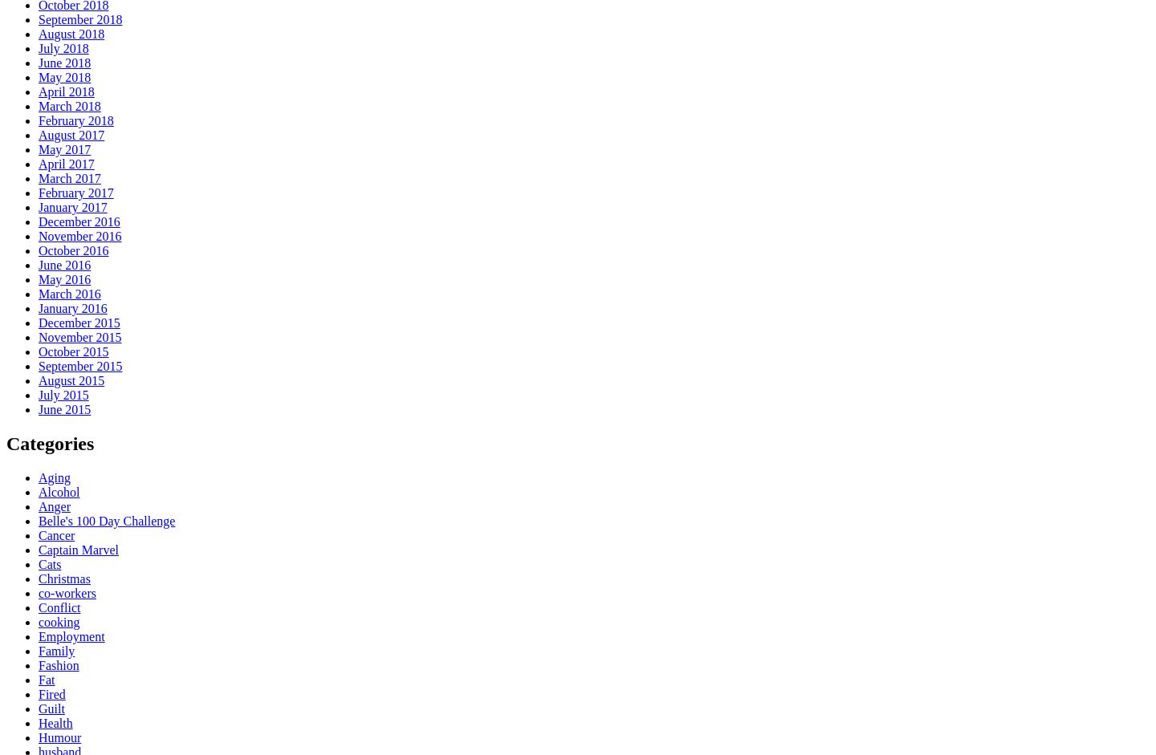  What do you see at coordinates (37, 721) in the screenshot?
I see `'Health'` at bounding box center [37, 721].